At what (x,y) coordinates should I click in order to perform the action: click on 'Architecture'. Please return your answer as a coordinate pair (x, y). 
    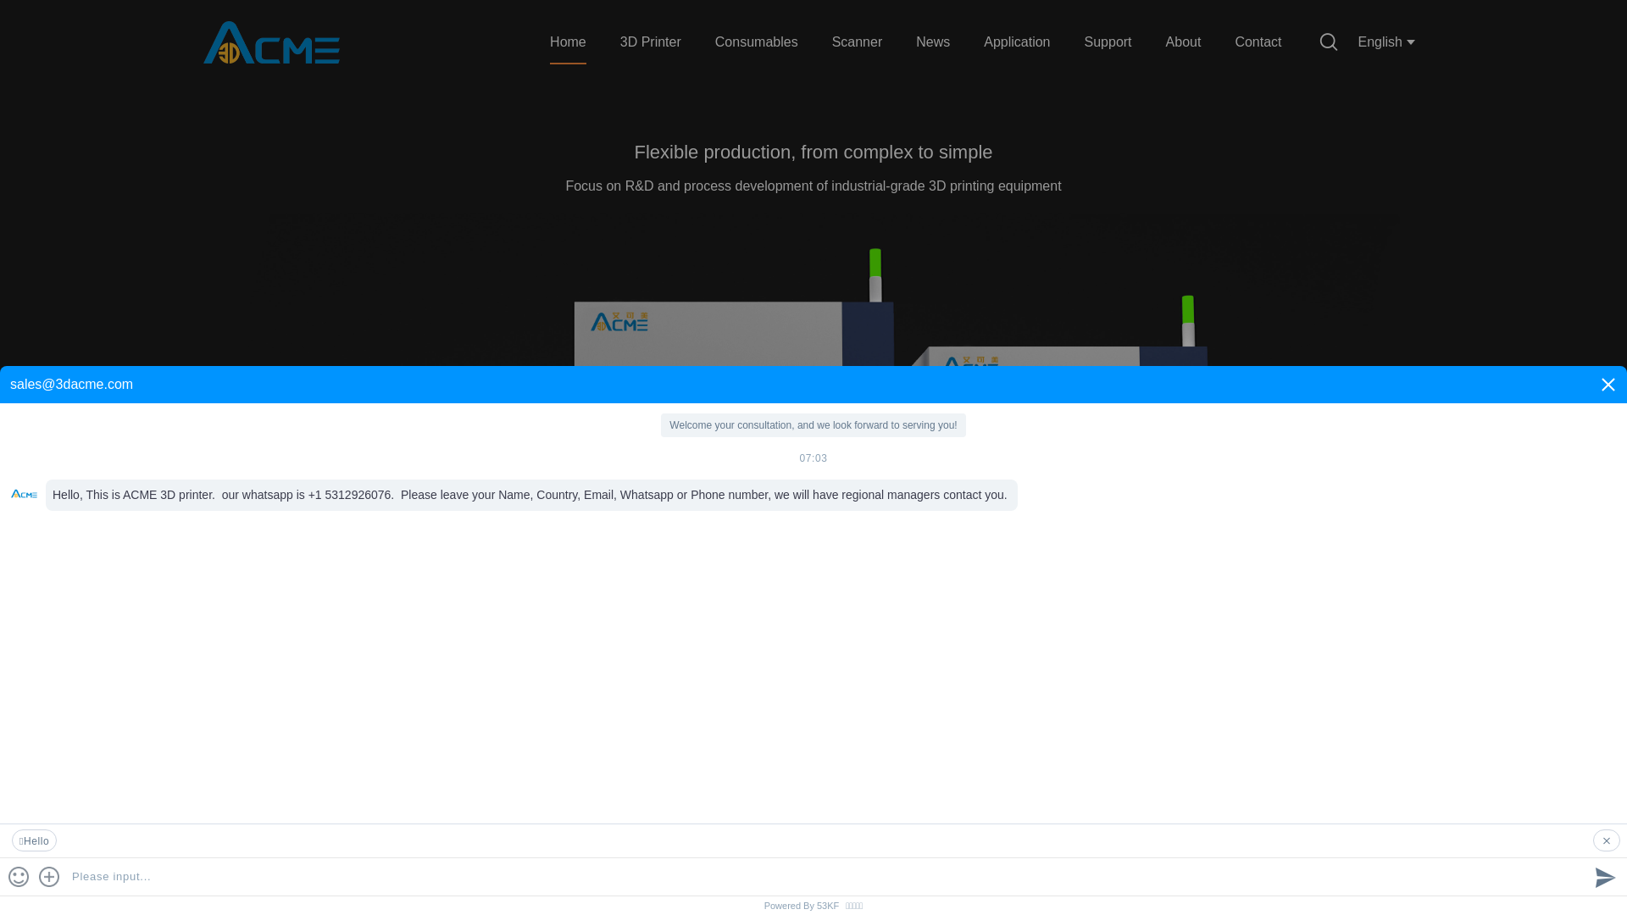
    Looking at the image, I should click on (736, 871).